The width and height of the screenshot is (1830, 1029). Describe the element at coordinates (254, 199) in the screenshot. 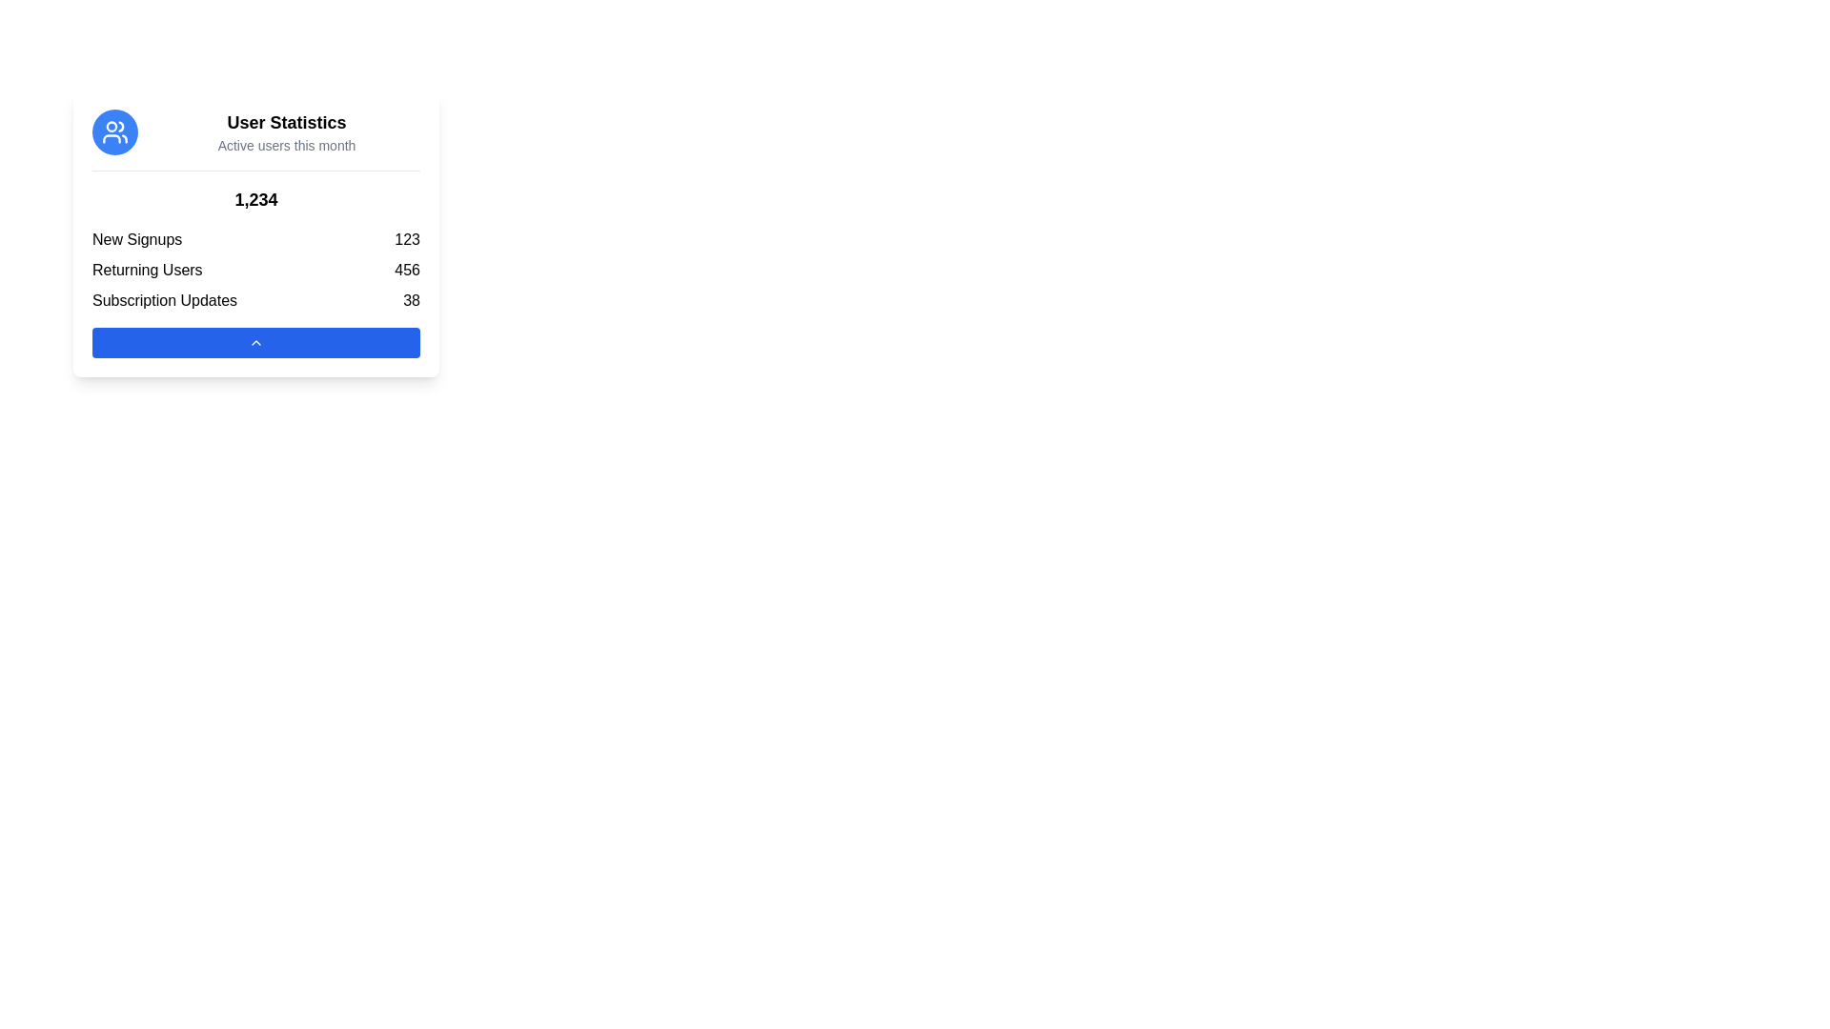

I see `the text label displaying the number of active users for the current month, located centrally within the statistics card below the section header 'Active users this month.'` at that location.